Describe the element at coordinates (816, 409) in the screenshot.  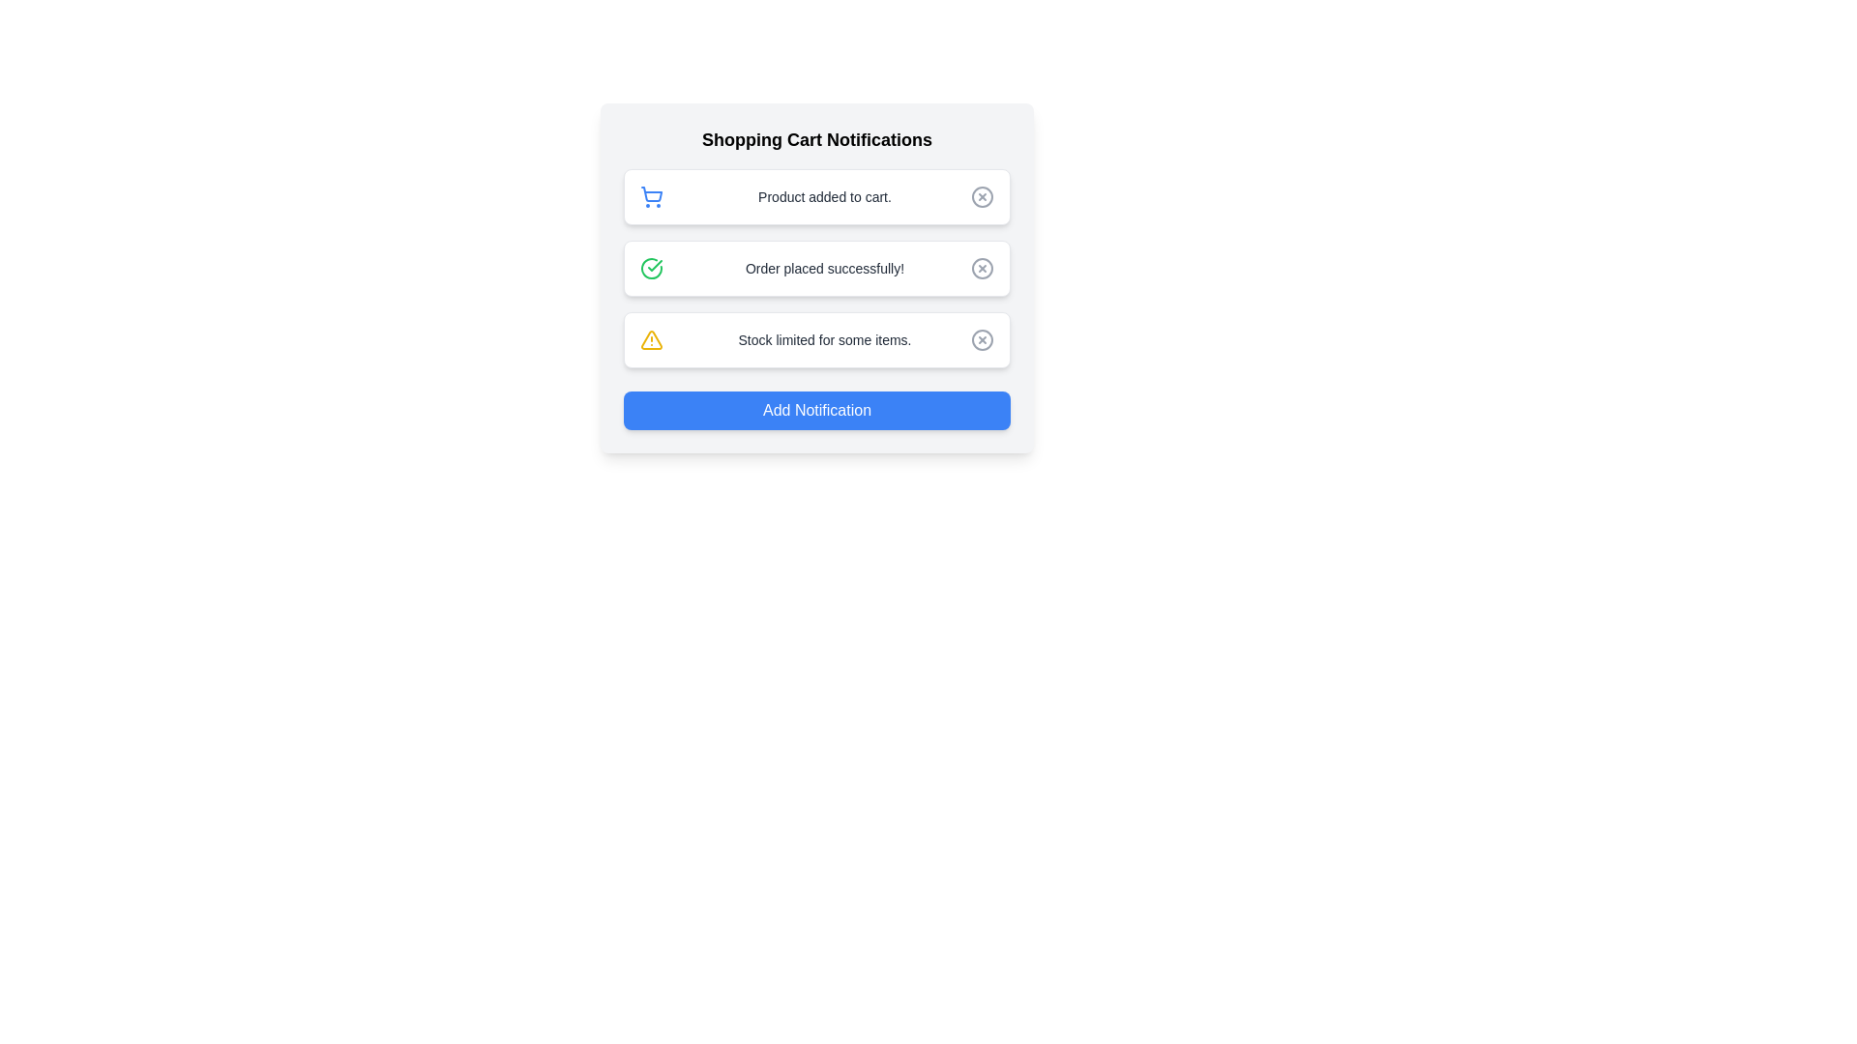
I see `the 'Add Notification' button with a vibrant blue background and white bold text` at that location.